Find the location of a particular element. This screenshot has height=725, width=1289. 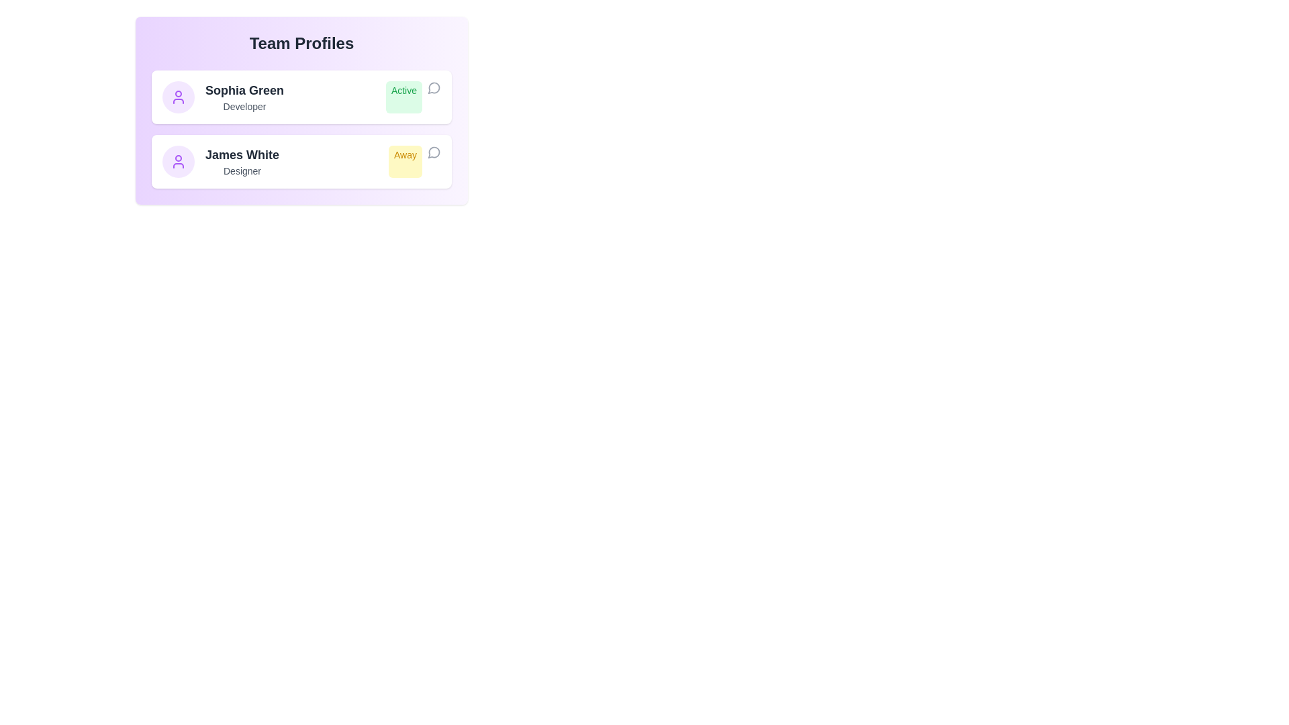

the notification icon located to the right of the profile section labeled 'James White', which is associated with messaging or notifications and belongs to the second profile entry is located at coordinates (434, 152).